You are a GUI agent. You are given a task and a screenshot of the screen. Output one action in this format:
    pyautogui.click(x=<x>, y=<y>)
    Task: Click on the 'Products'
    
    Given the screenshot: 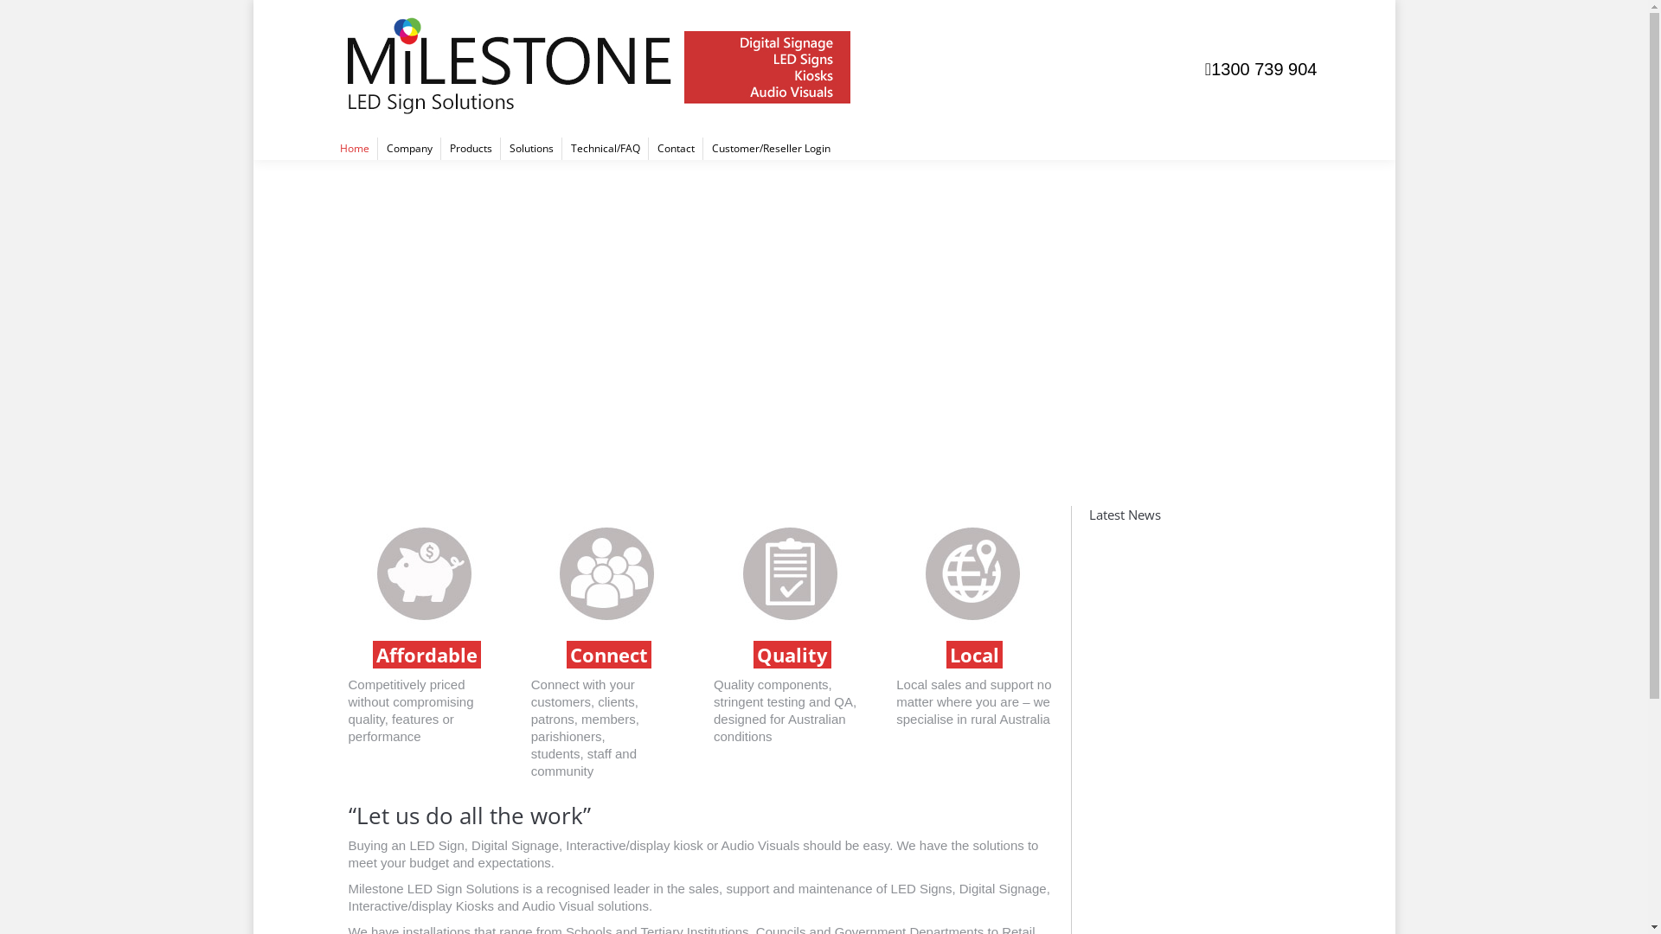 What is the action you would take?
    pyautogui.click(x=471, y=148)
    